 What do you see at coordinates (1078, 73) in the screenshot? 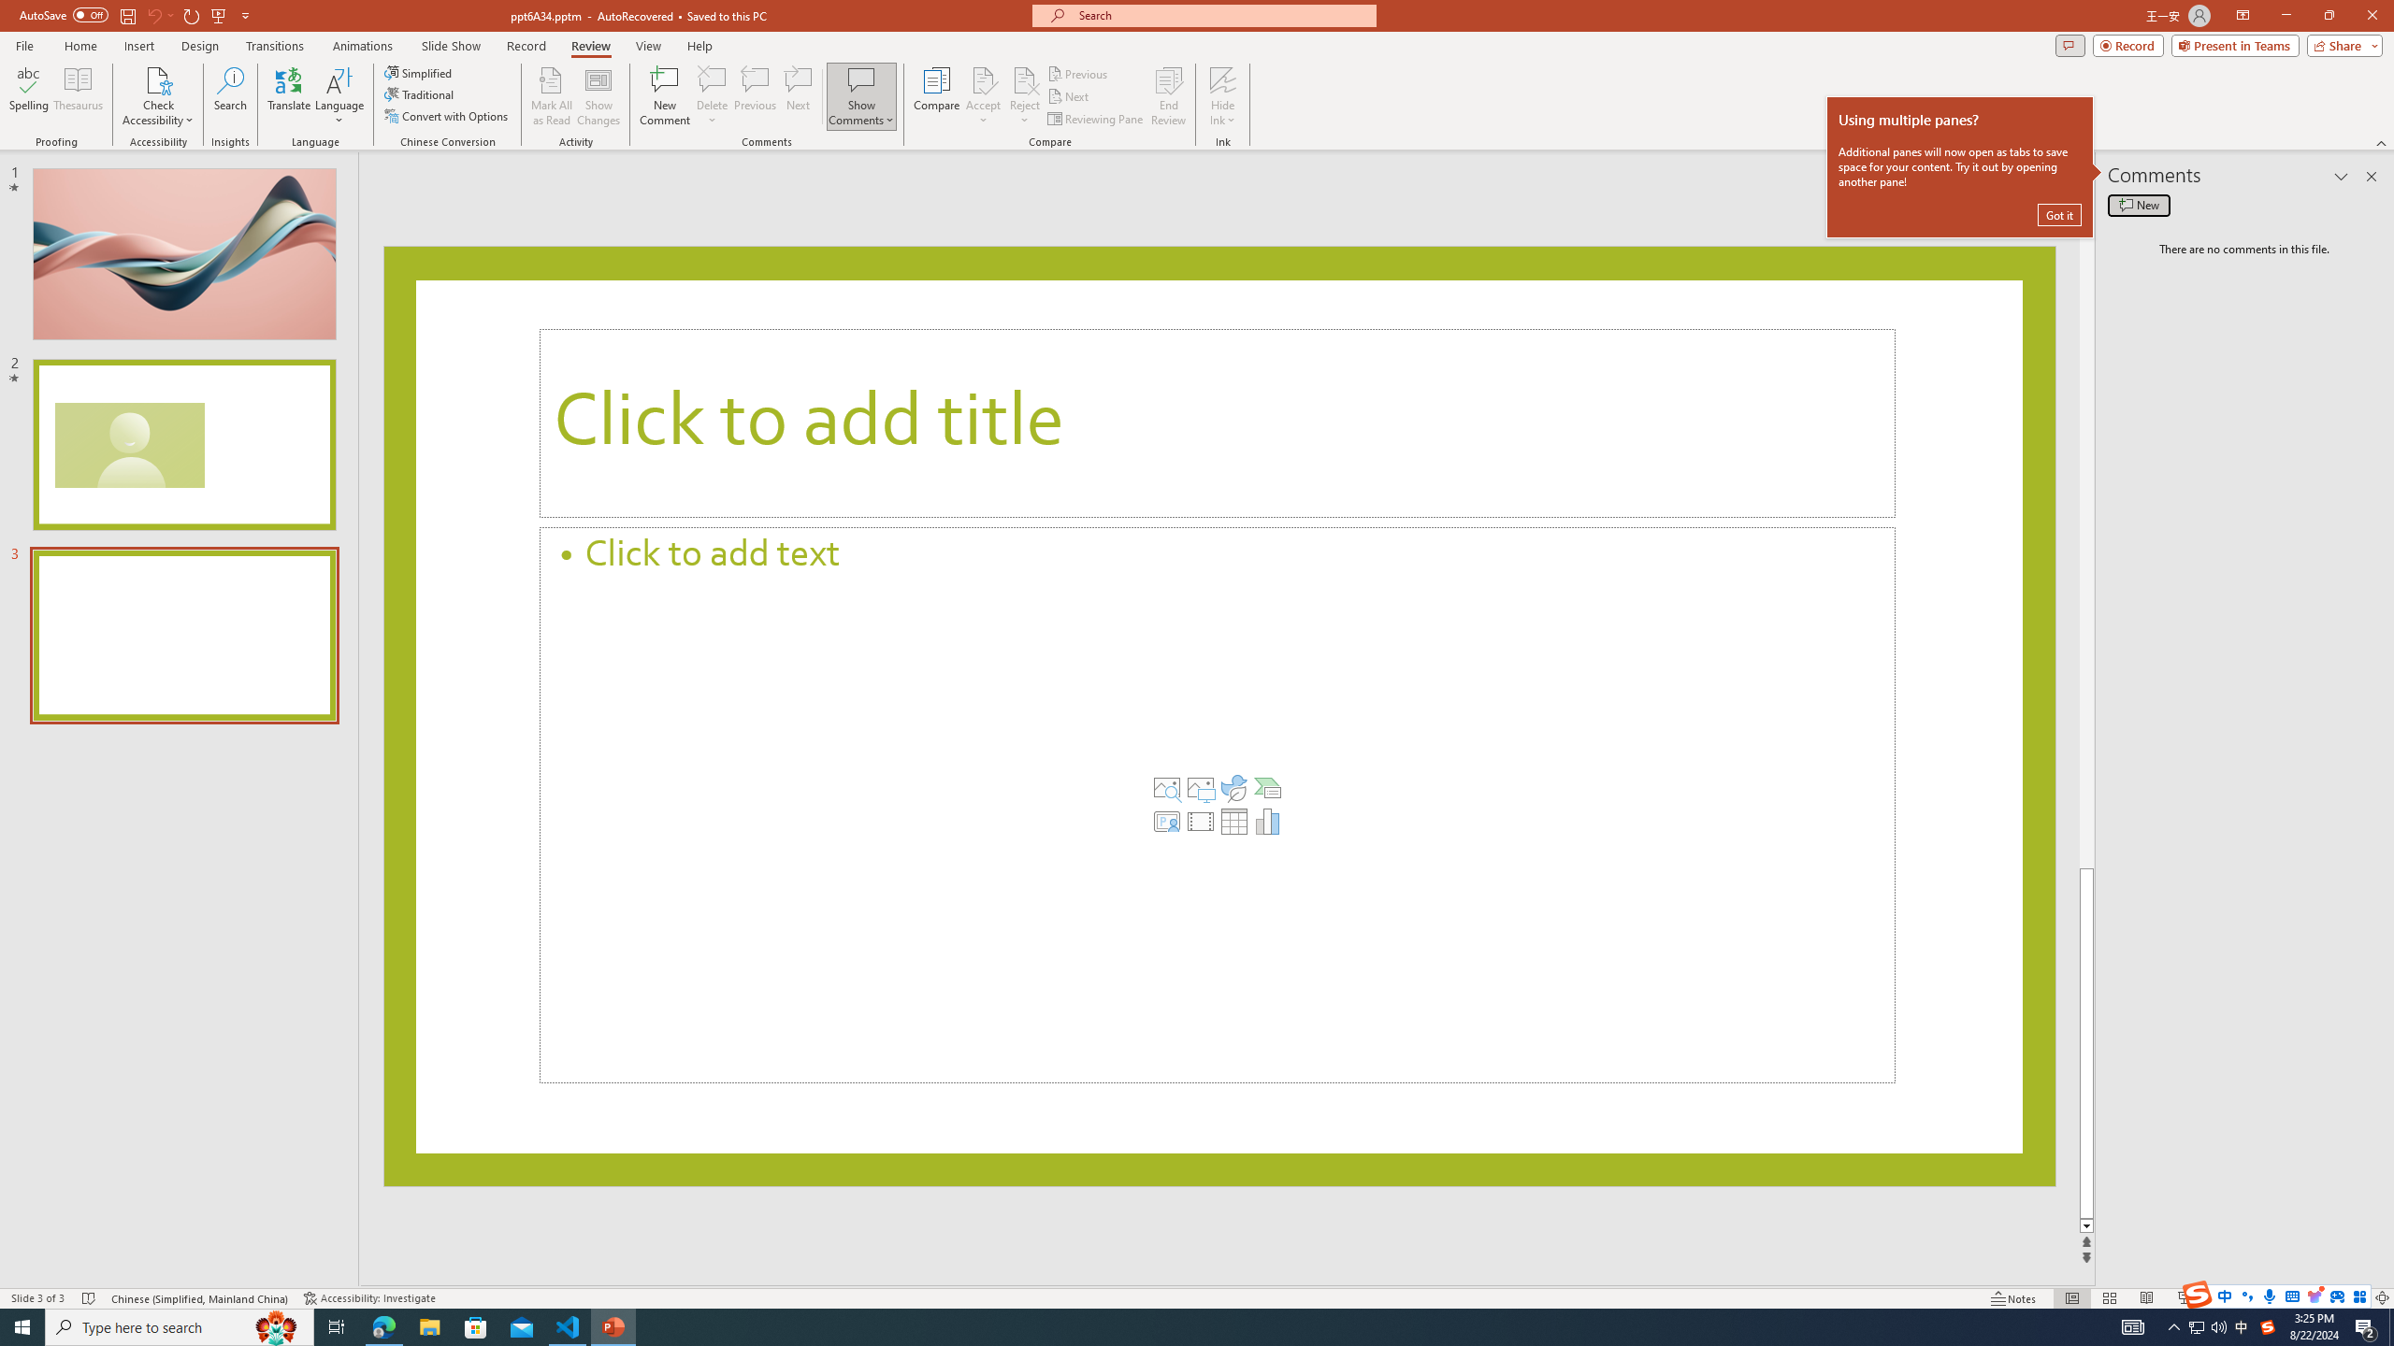
I see `'Previous'` at bounding box center [1078, 73].